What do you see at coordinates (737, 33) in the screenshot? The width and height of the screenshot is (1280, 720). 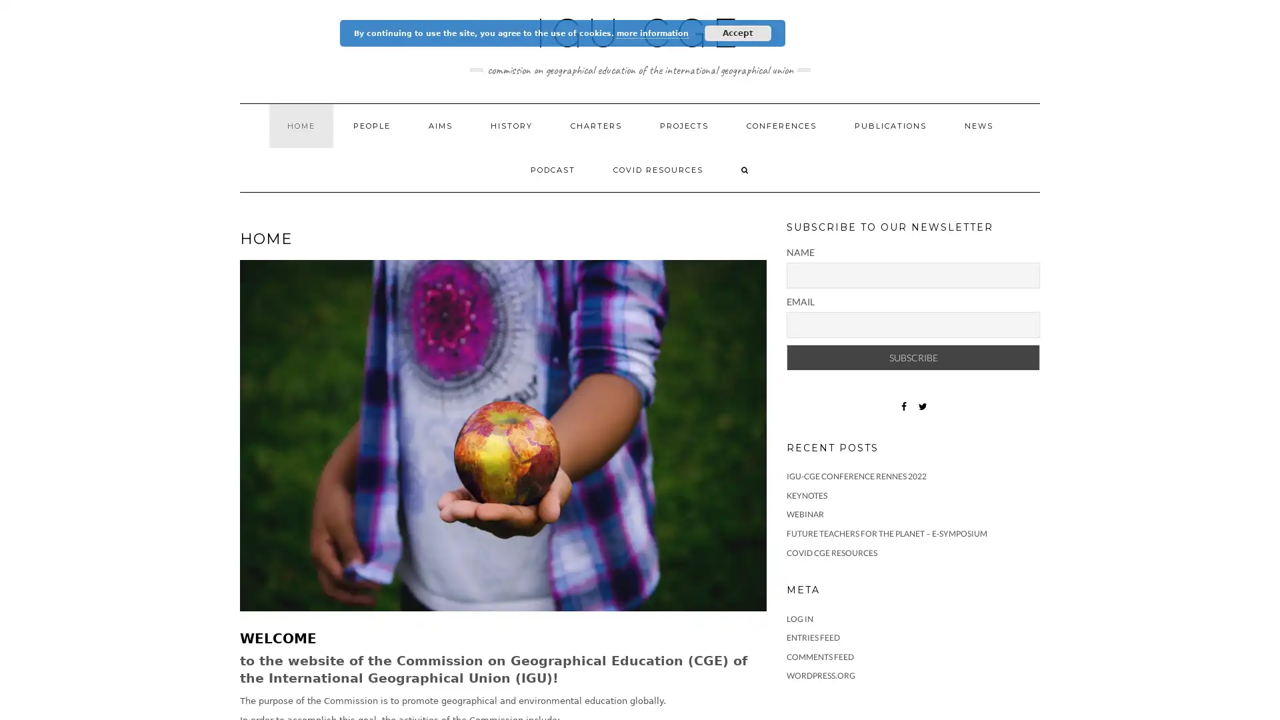 I see `Accept` at bounding box center [737, 33].